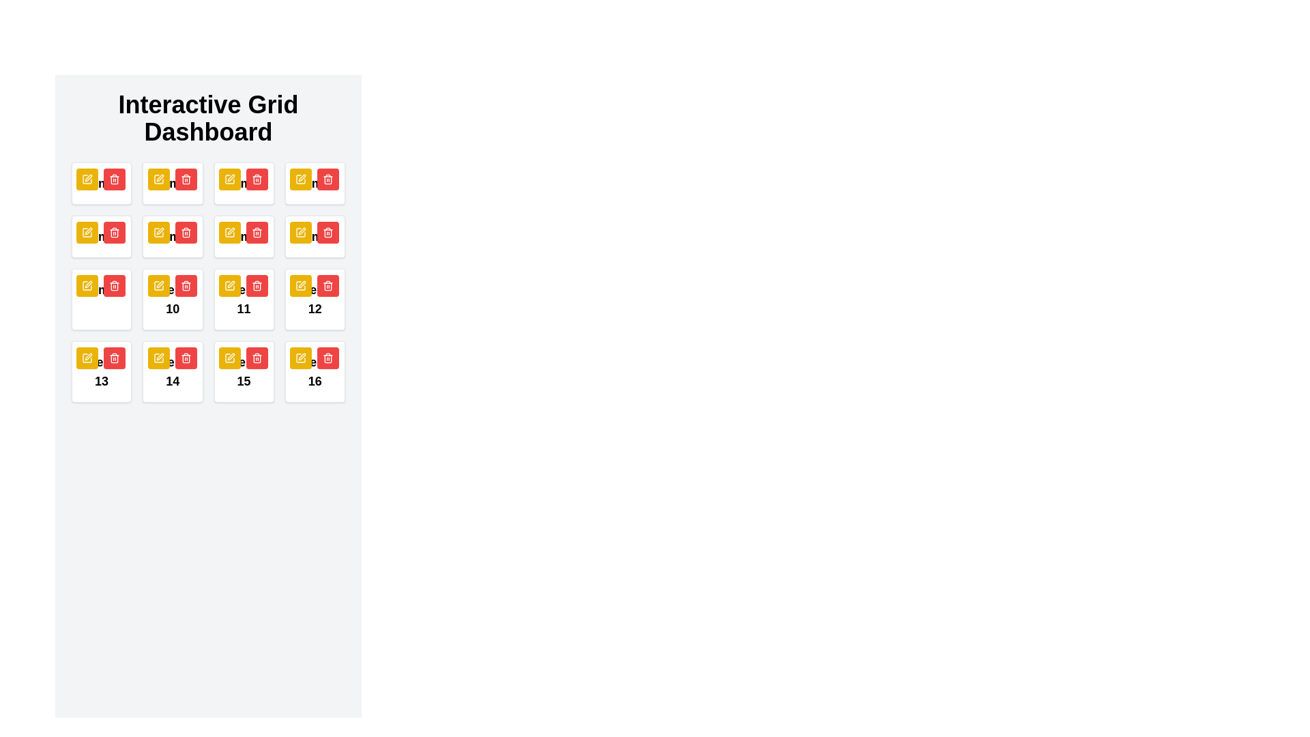 The height and width of the screenshot is (737, 1310). Describe the element at coordinates (229, 178) in the screenshot. I see `the Edit icon` at that location.